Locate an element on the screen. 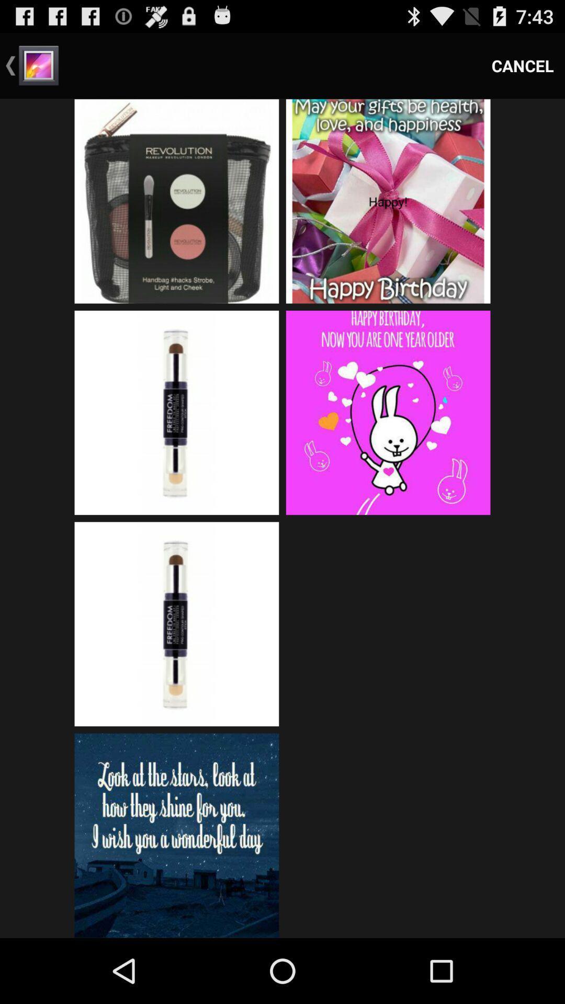  the cancel item is located at coordinates (523, 65).